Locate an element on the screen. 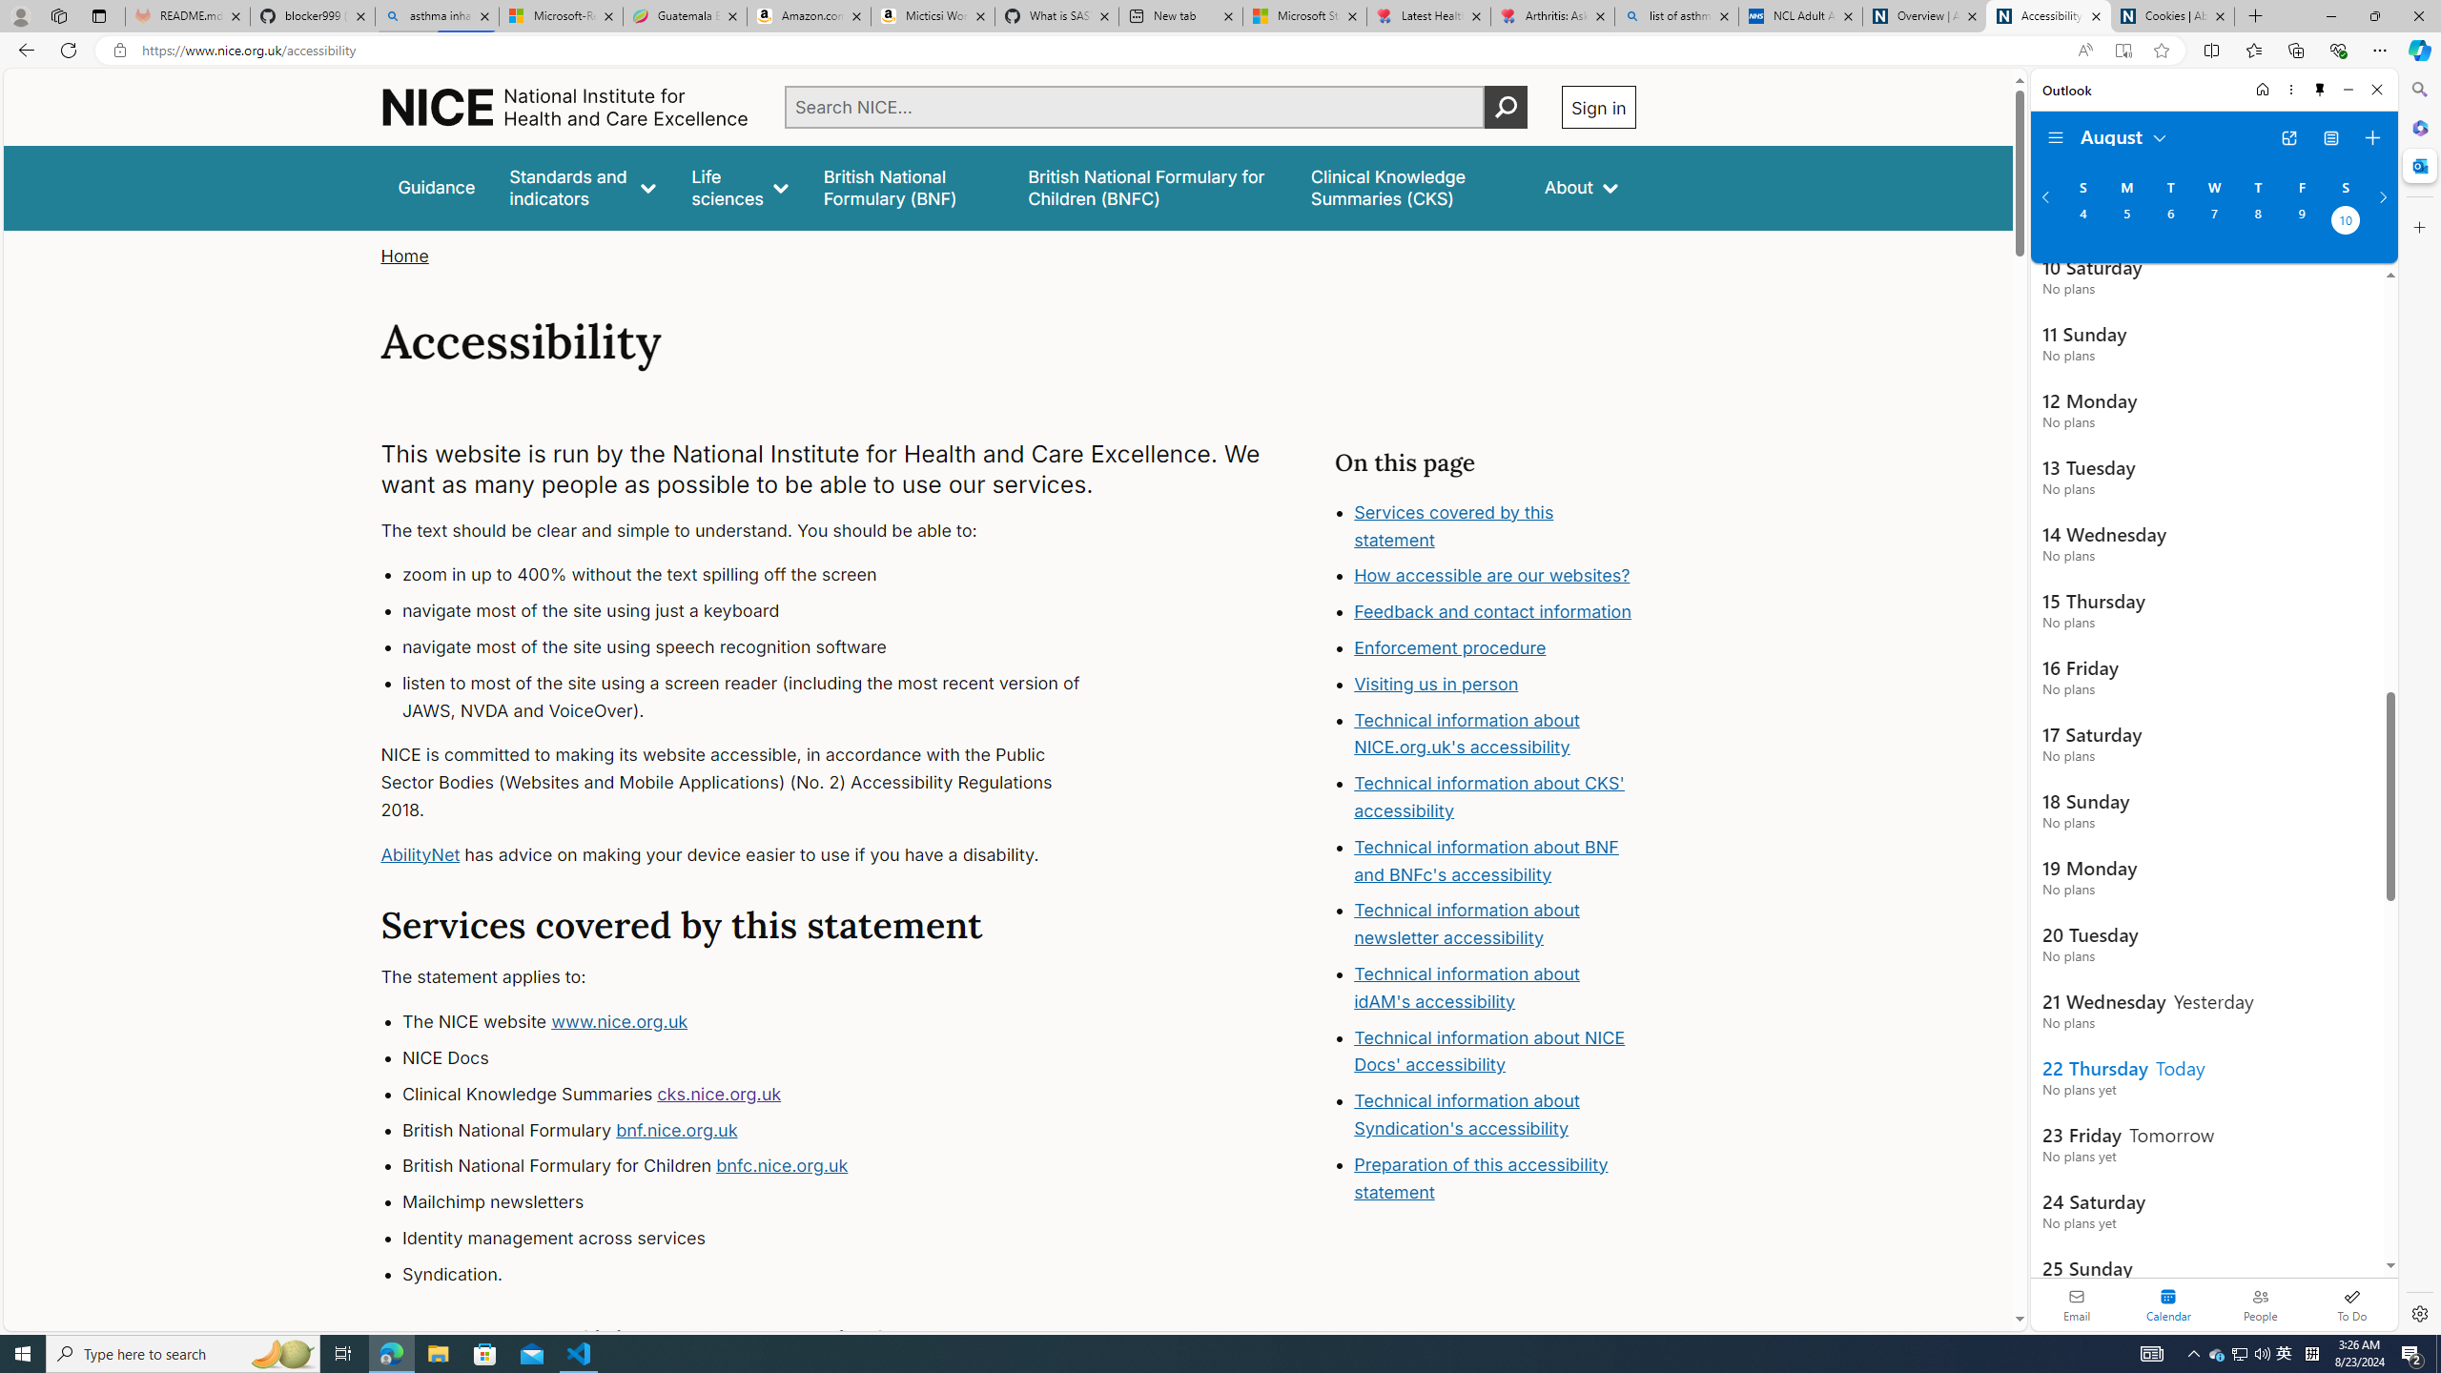  'Monday, August 5, 2024. ' is located at coordinates (2125, 222).